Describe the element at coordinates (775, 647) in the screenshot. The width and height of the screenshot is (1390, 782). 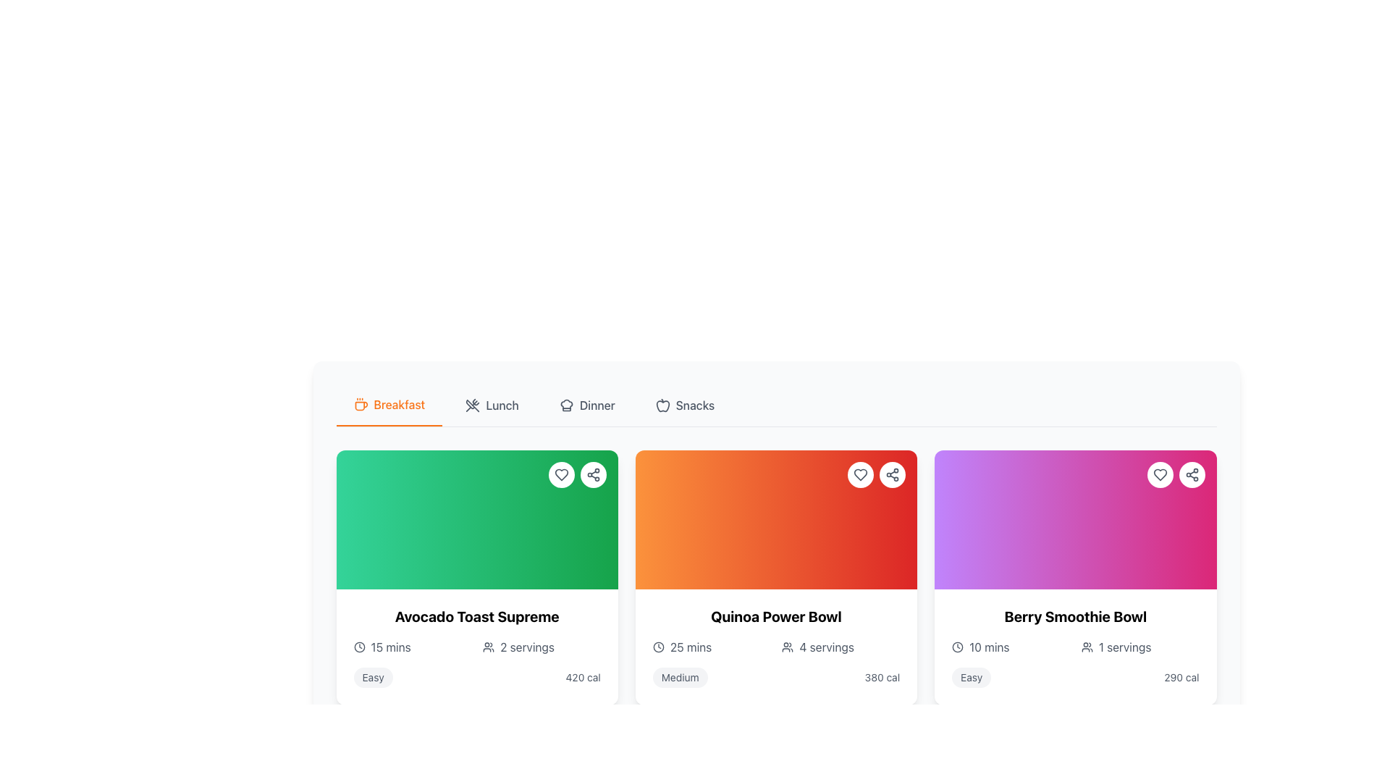
I see `the Info Card presenting details about a specific dish` at that location.